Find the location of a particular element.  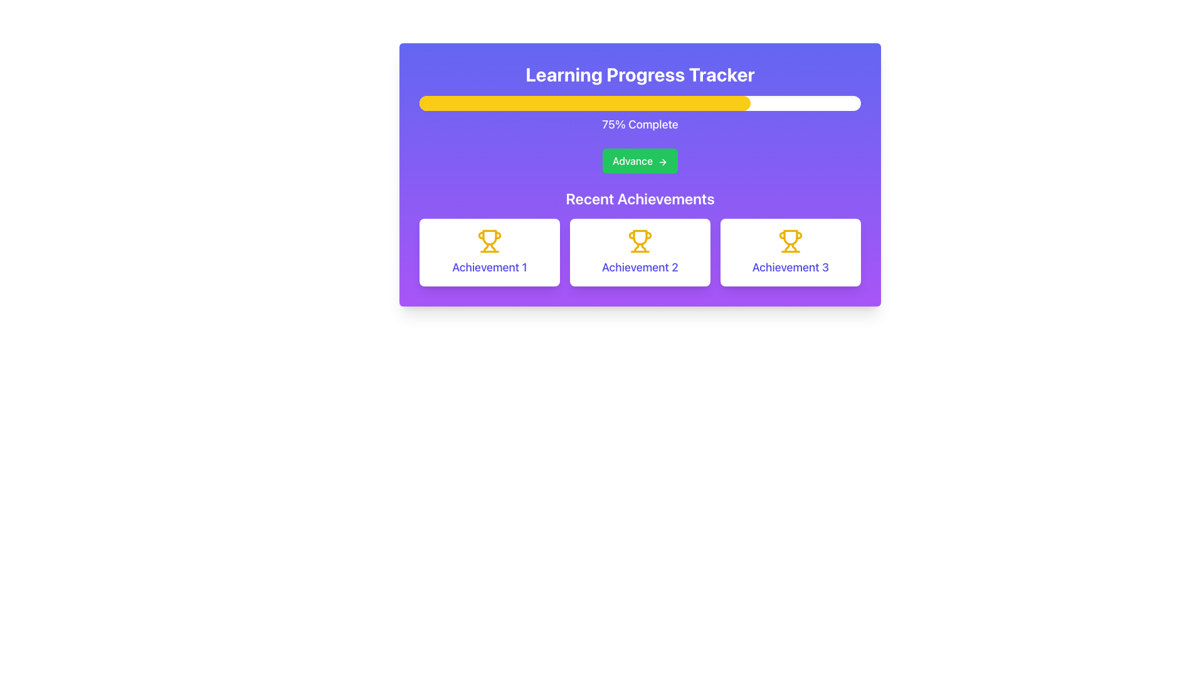

the text element labeled 'Achievement 1', which is positioned at the bottom center of the first card under 'Recent Achievements' is located at coordinates (489, 267).